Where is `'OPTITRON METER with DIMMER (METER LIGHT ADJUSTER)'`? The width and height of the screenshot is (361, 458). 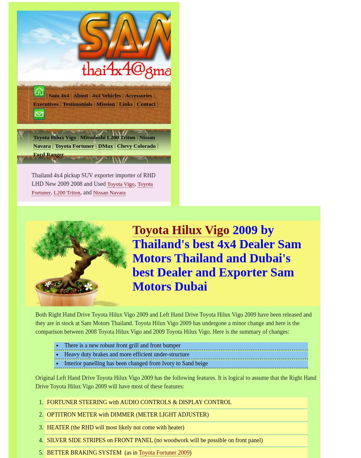 'OPTITRON METER with DIMMER (METER LIGHT ADJUSTER)' is located at coordinates (127, 414).